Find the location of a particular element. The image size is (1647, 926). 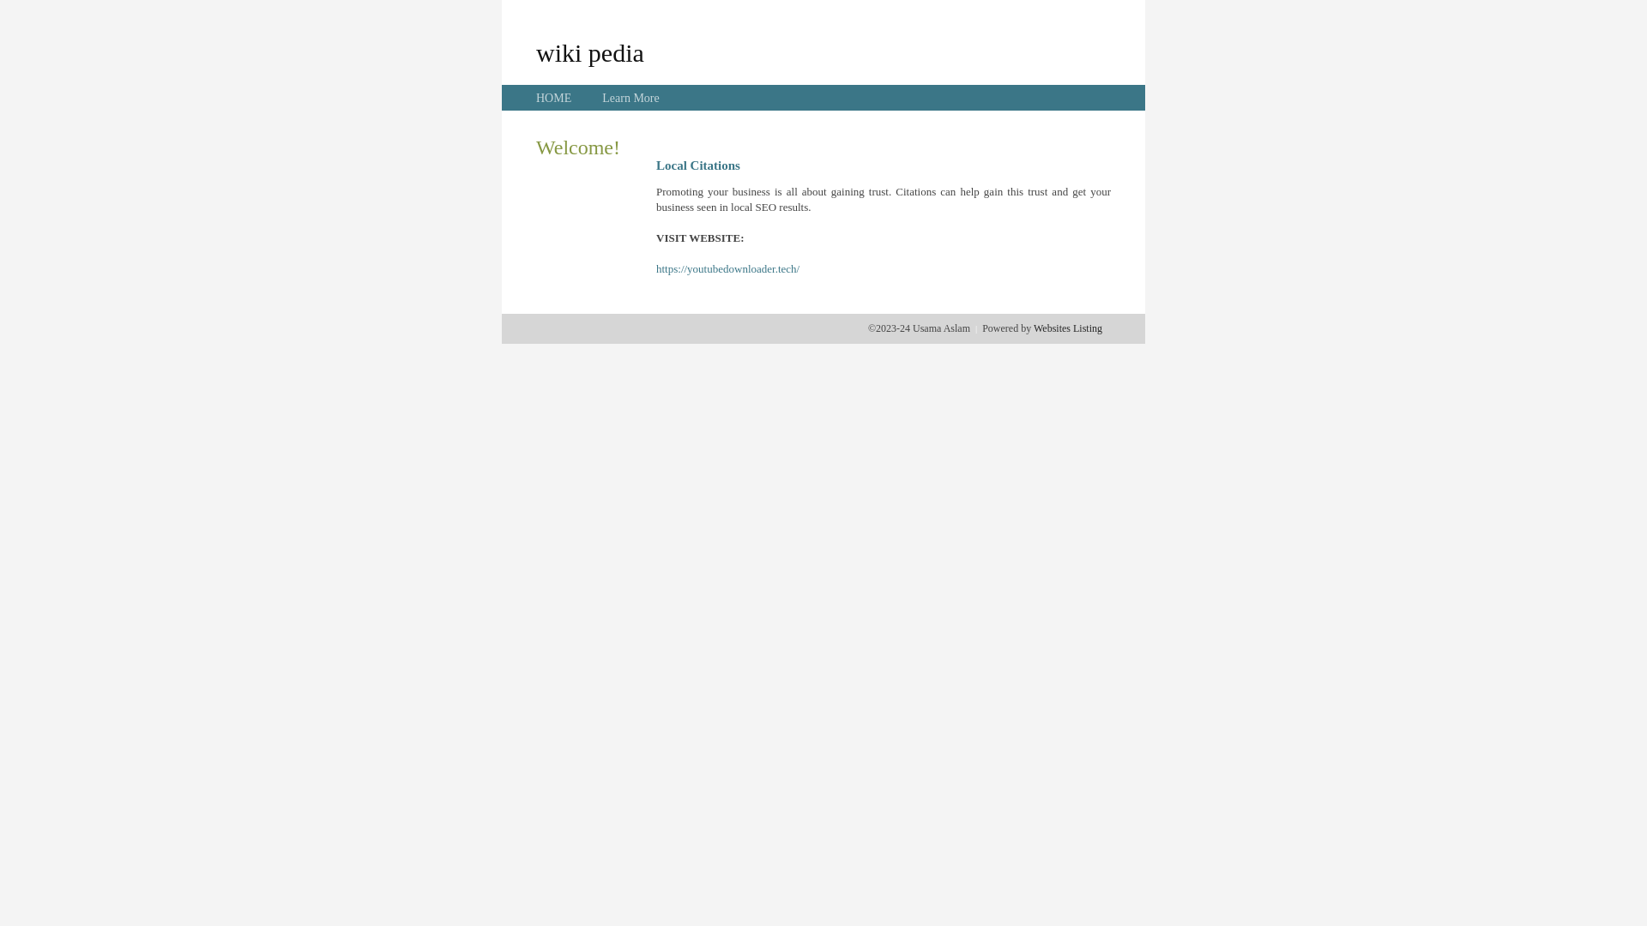

'Websites Listing' is located at coordinates (1032, 328).